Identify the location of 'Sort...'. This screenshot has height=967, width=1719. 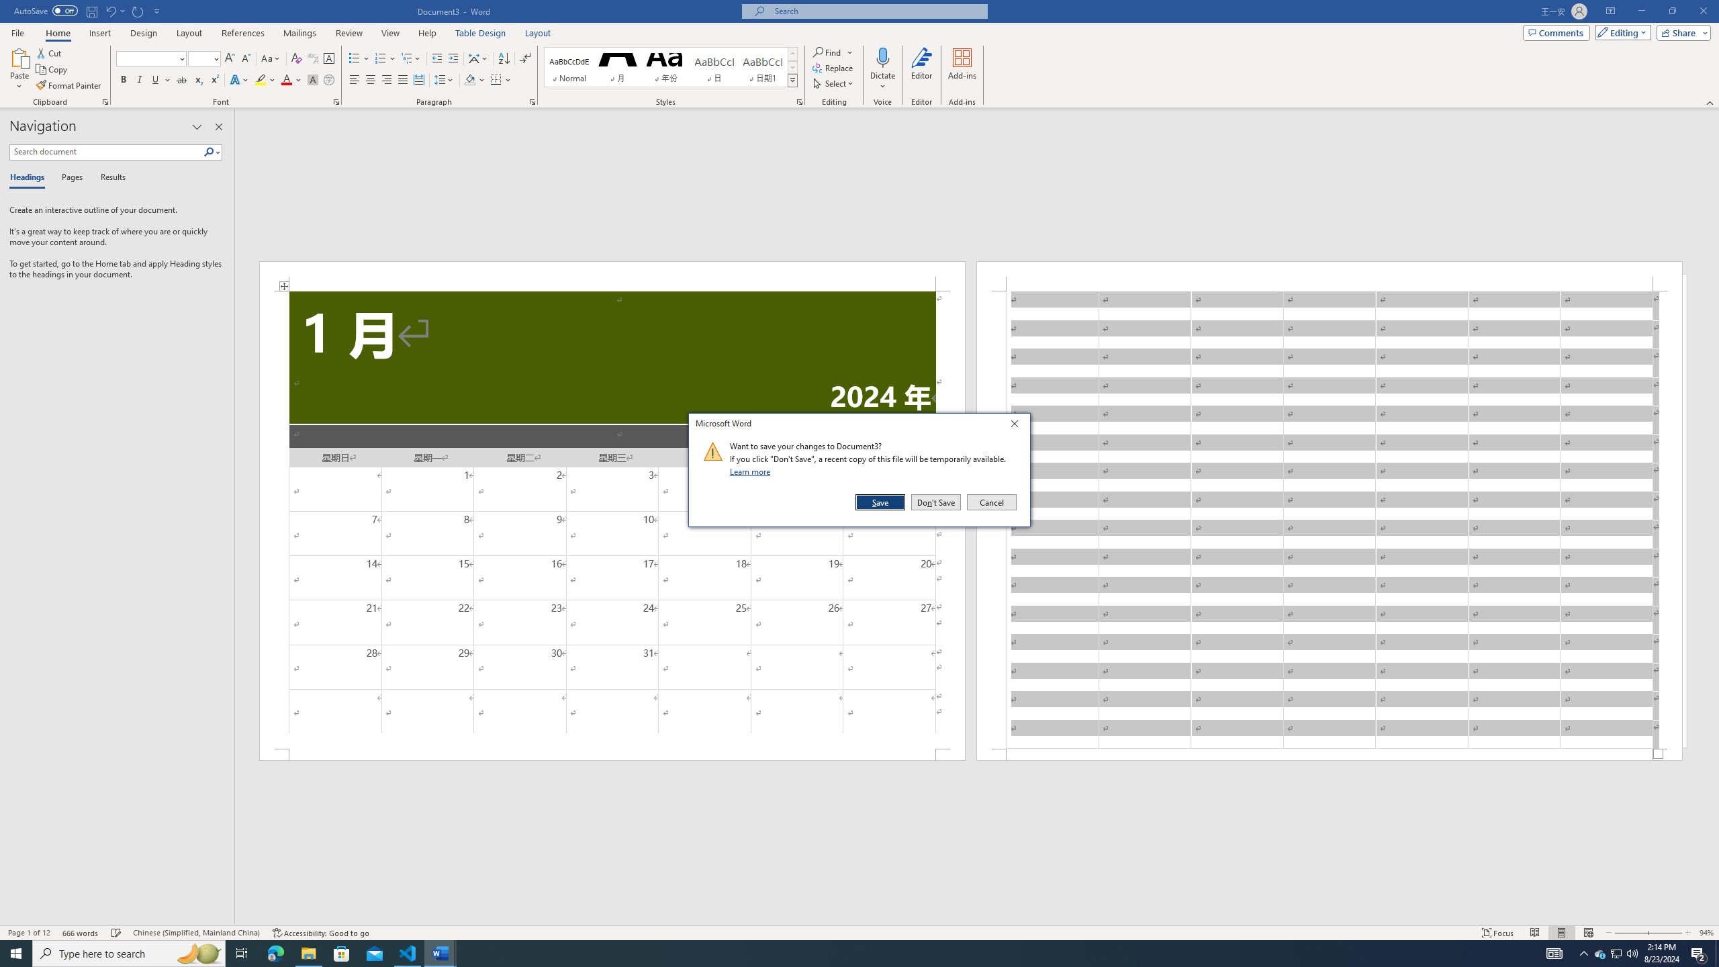
(504, 58).